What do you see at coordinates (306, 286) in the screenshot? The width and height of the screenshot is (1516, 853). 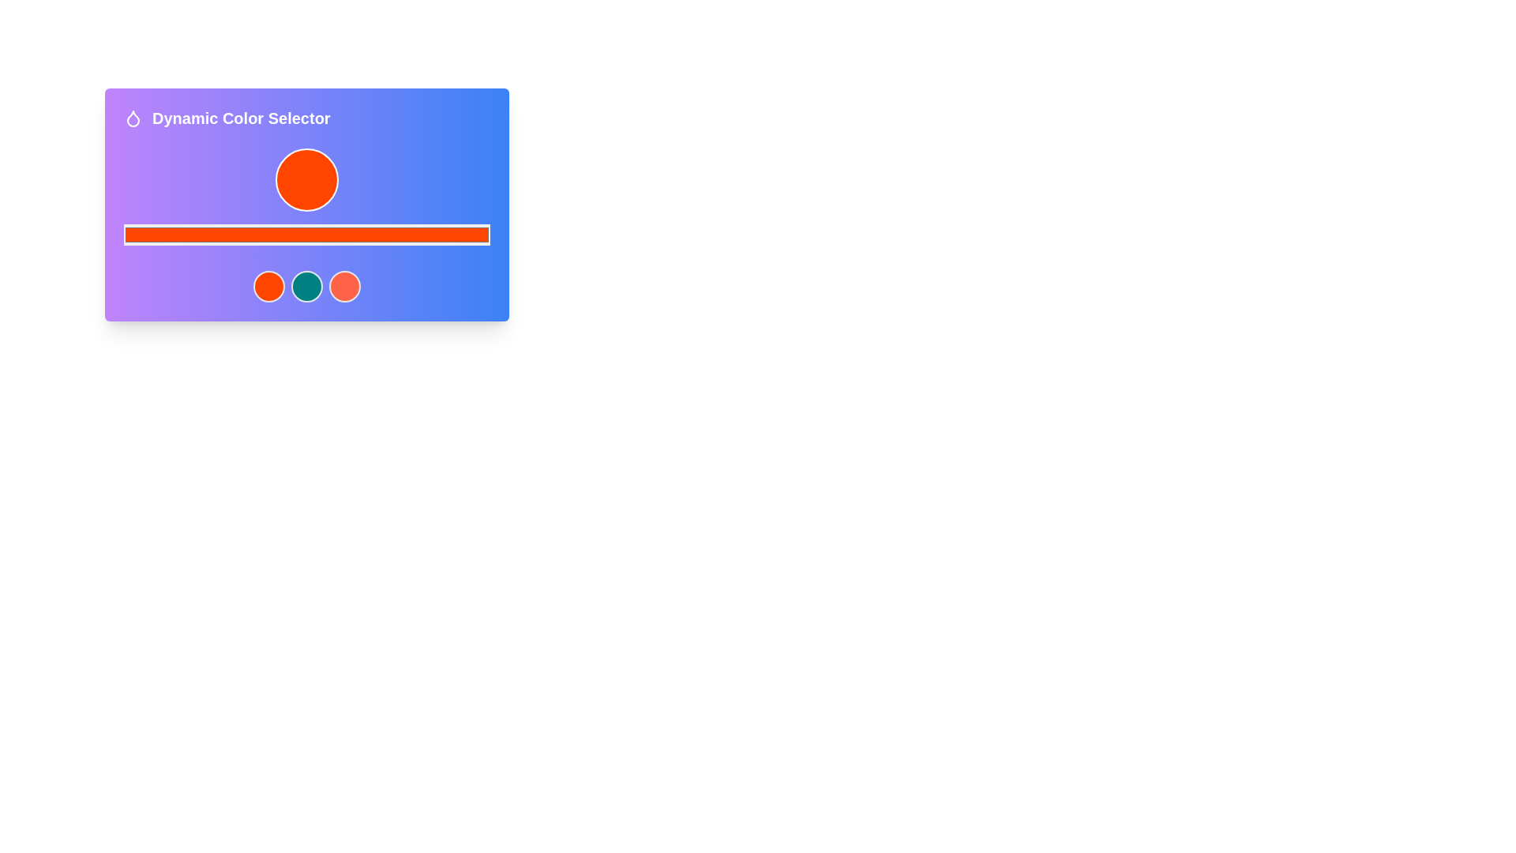 I see `the teal button from a group of three horizontally aligned circular buttons, each with distinct colors, located at the bottom section of the interface` at bounding box center [306, 286].